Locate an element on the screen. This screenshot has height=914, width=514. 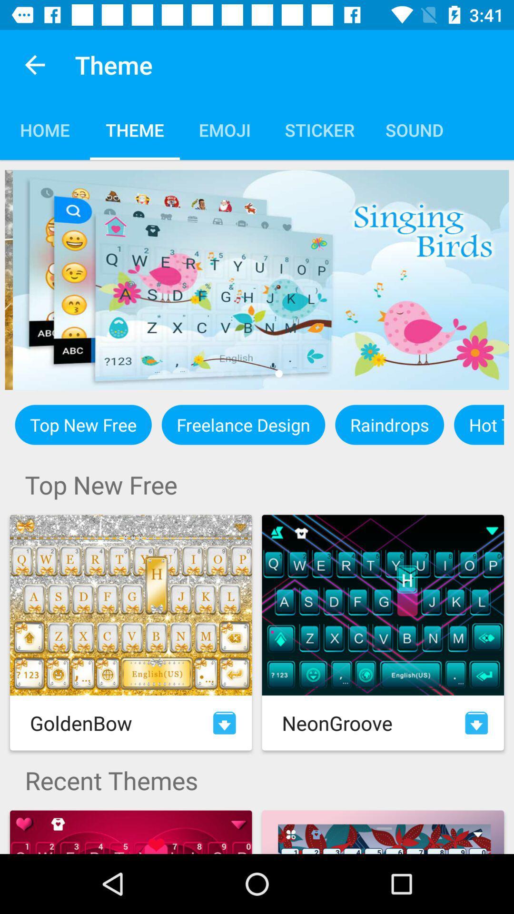
app next to theme app is located at coordinates (34, 64).